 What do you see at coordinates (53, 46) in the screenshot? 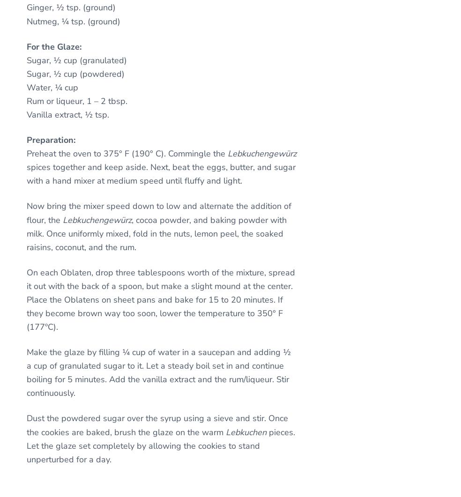
I see `'For the Glaze:'` at bounding box center [53, 46].